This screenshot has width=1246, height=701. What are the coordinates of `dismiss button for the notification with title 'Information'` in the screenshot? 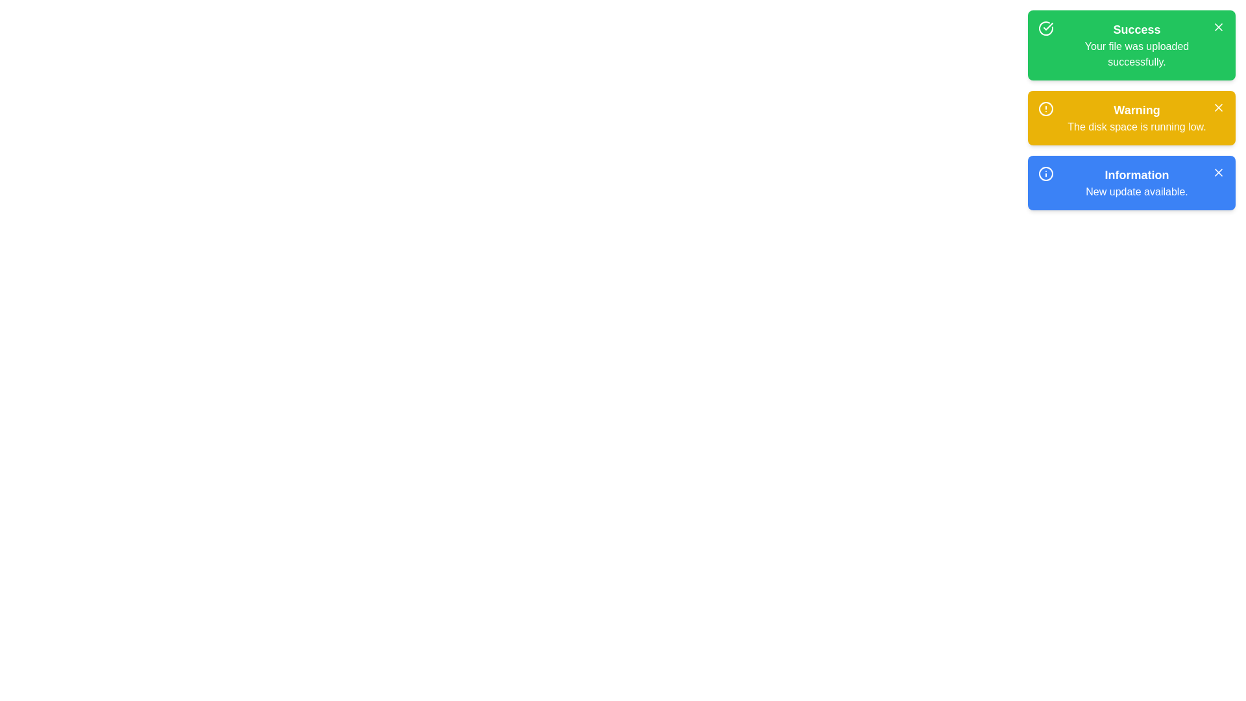 It's located at (1217, 172).